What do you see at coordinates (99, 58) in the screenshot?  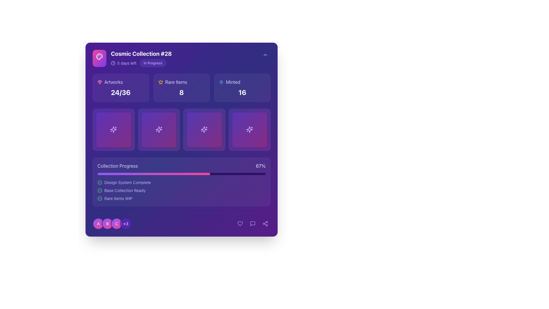 I see `the decorative icon located at the top-left corner of the header section of the card labeled 'Cosmic Collection #28', which is positioned to the left of the text 'Cosmic Collection #28'` at bounding box center [99, 58].